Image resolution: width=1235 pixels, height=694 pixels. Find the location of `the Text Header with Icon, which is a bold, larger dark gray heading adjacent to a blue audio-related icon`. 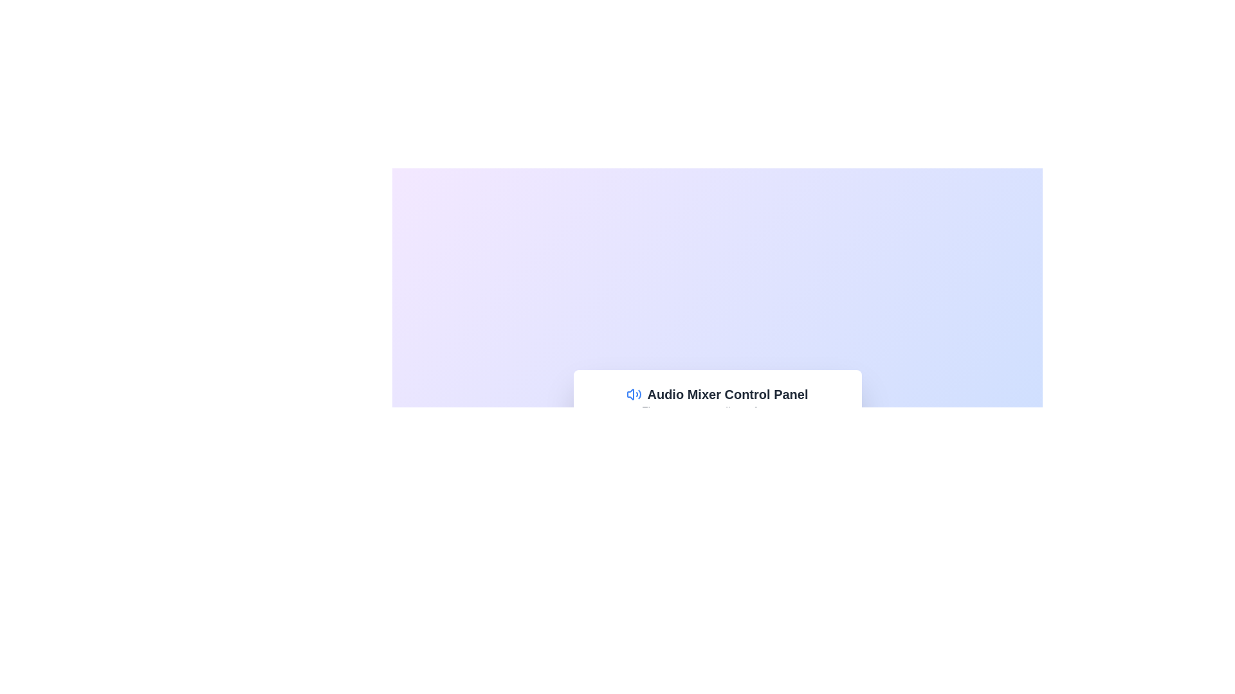

the Text Header with Icon, which is a bold, larger dark gray heading adjacent to a blue audio-related icon is located at coordinates (717, 393).